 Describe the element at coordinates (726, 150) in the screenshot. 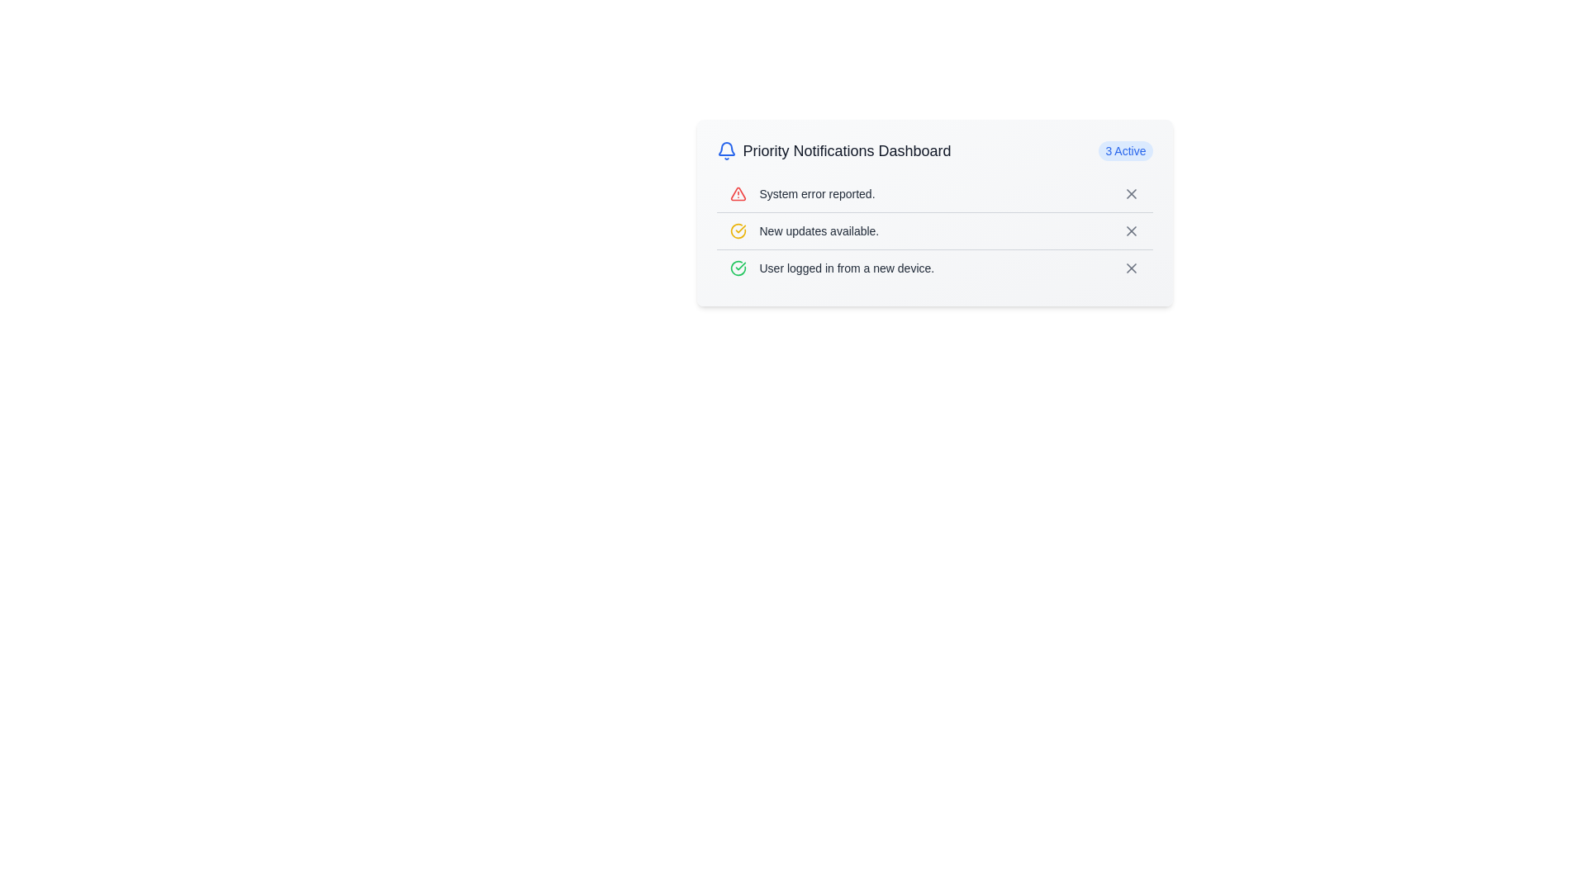

I see `the bell icon located to the far left of the 'Priority Notifications Dashboard', which serves as a visual representation for notifications` at that location.